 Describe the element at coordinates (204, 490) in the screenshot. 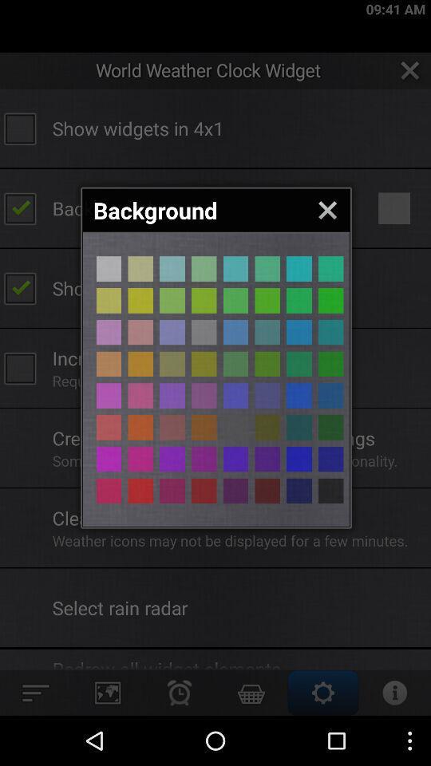

I see `background colir` at that location.